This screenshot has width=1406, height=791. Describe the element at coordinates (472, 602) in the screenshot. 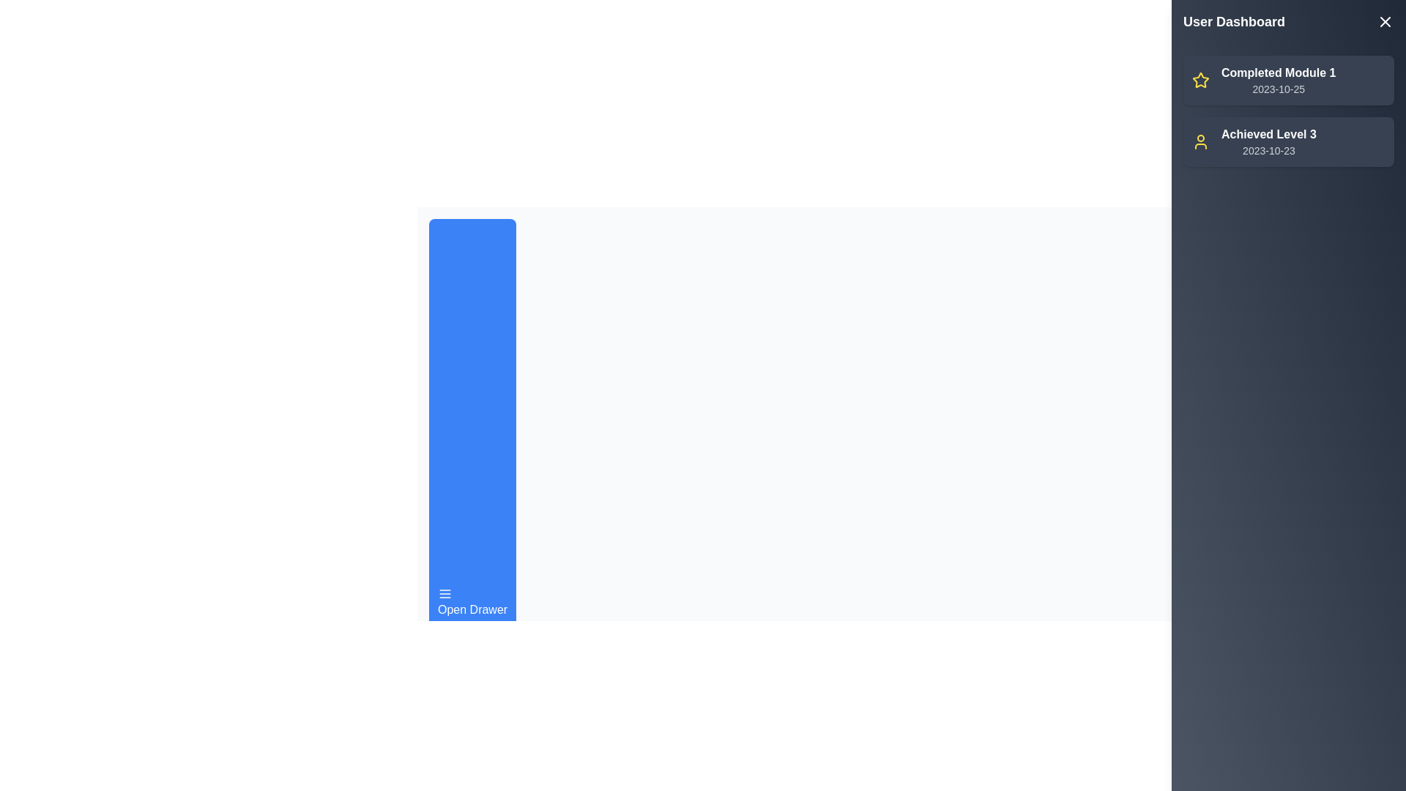

I see `'Open Drawer' button to toggle the drawer state` at that location.